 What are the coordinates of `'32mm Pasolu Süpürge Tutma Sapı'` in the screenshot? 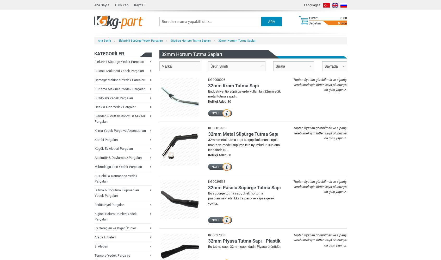 It's located at (244, 187).